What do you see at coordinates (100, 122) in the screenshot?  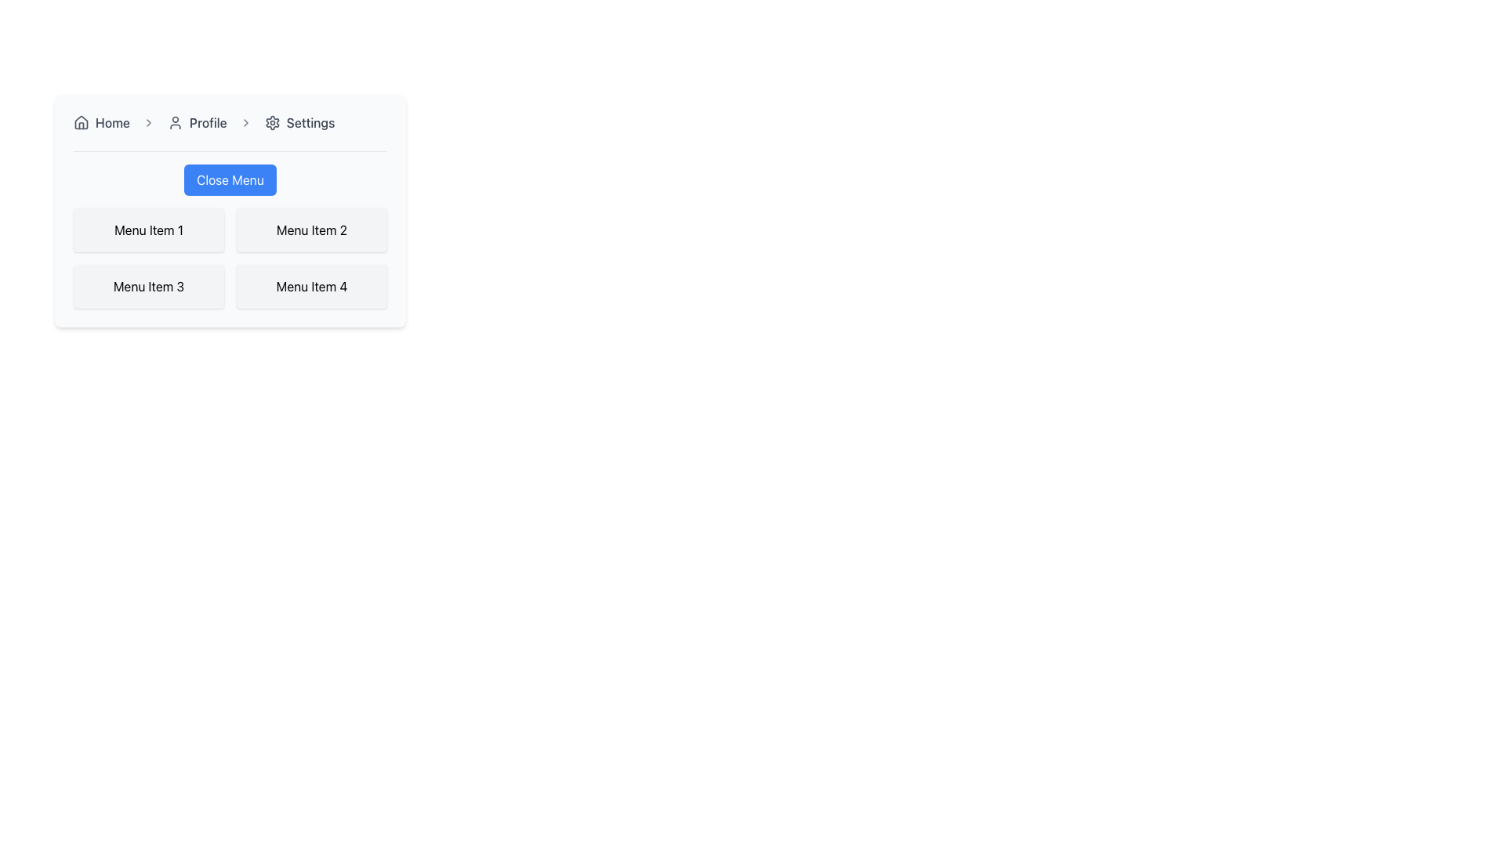 I see `the 'Home' link in the navigation bar to change its appearance, which turns the text blue due to the hover effect` at bounding box center [100, 122].